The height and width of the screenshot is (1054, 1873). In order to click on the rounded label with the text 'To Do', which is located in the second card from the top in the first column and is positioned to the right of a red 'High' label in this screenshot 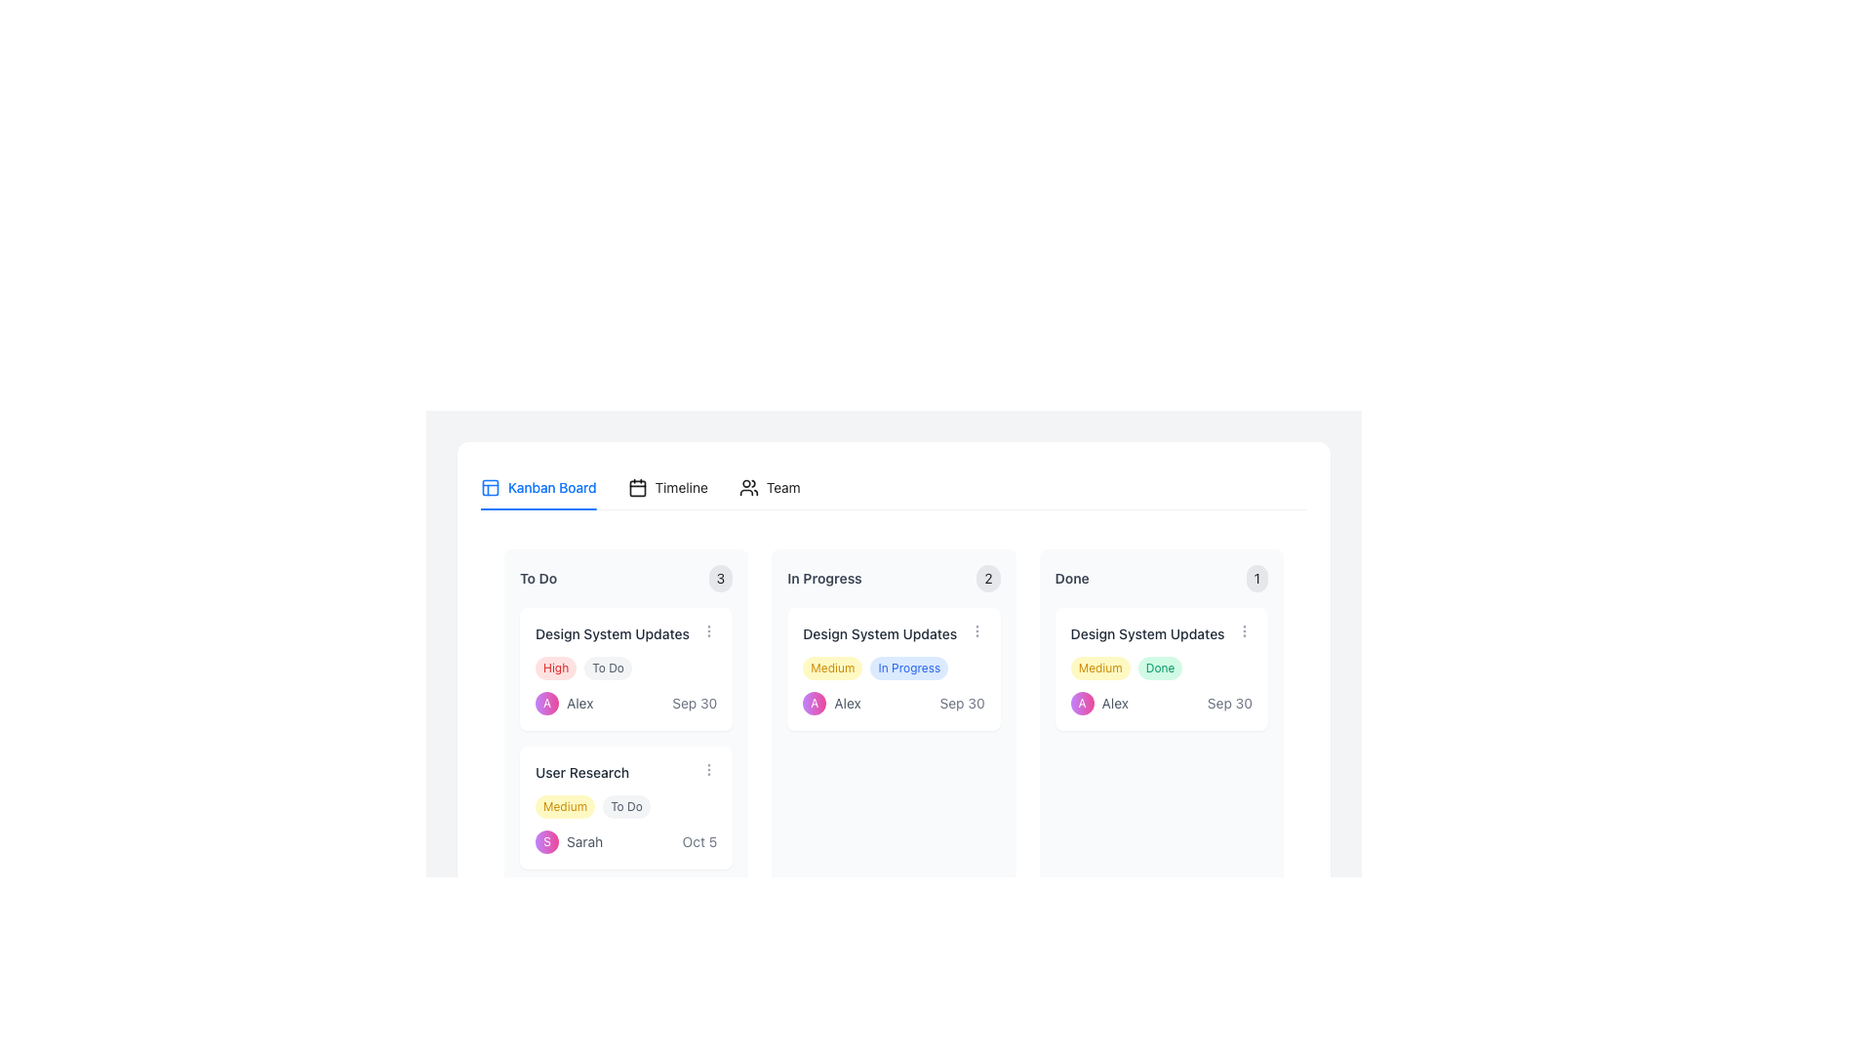, I will do `click(607, 668)`.